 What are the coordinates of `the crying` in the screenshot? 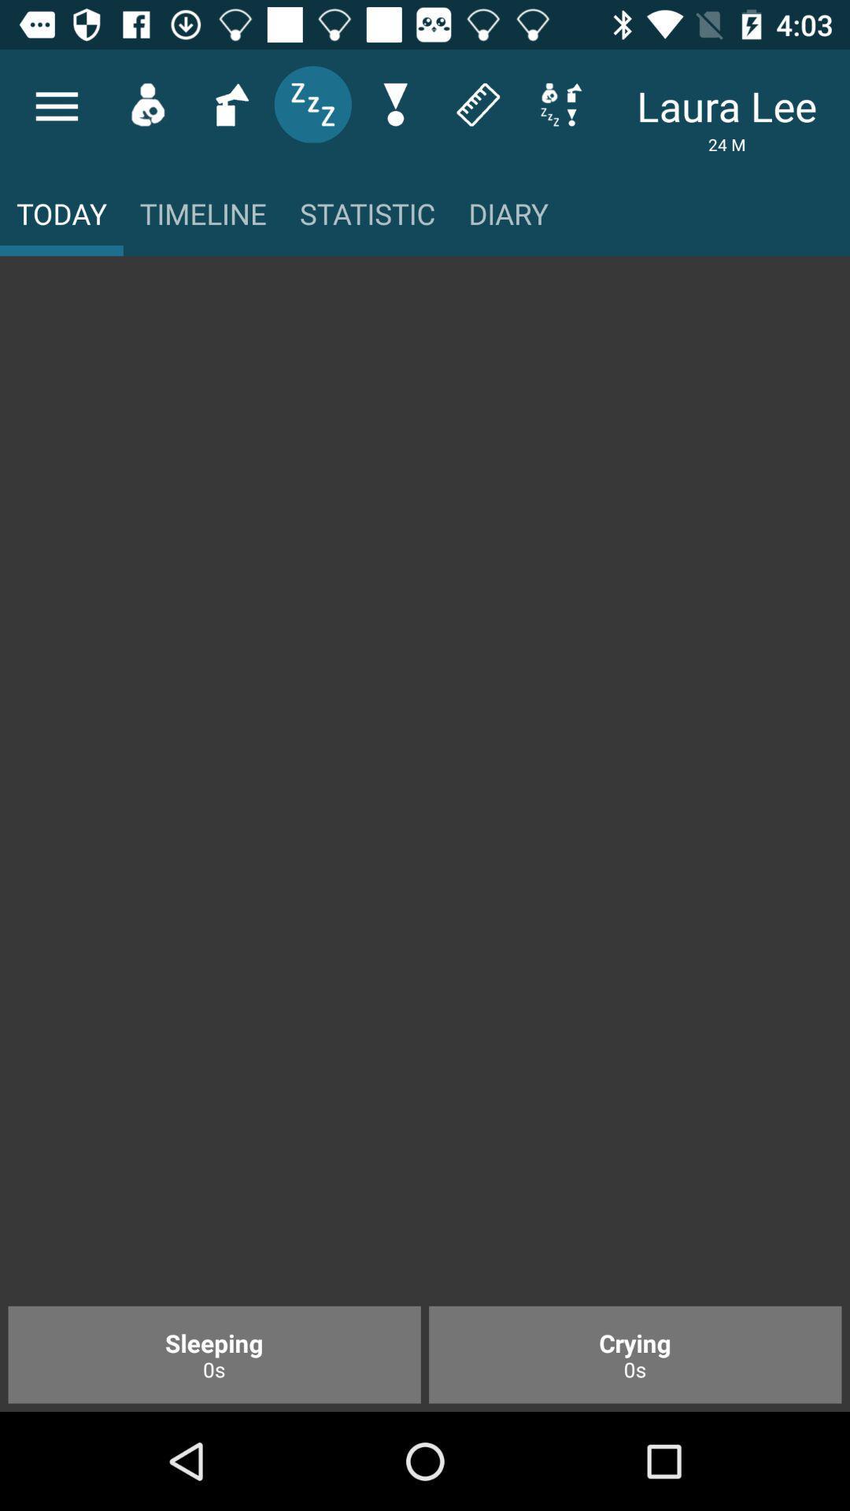 It's located at (634, 1354).